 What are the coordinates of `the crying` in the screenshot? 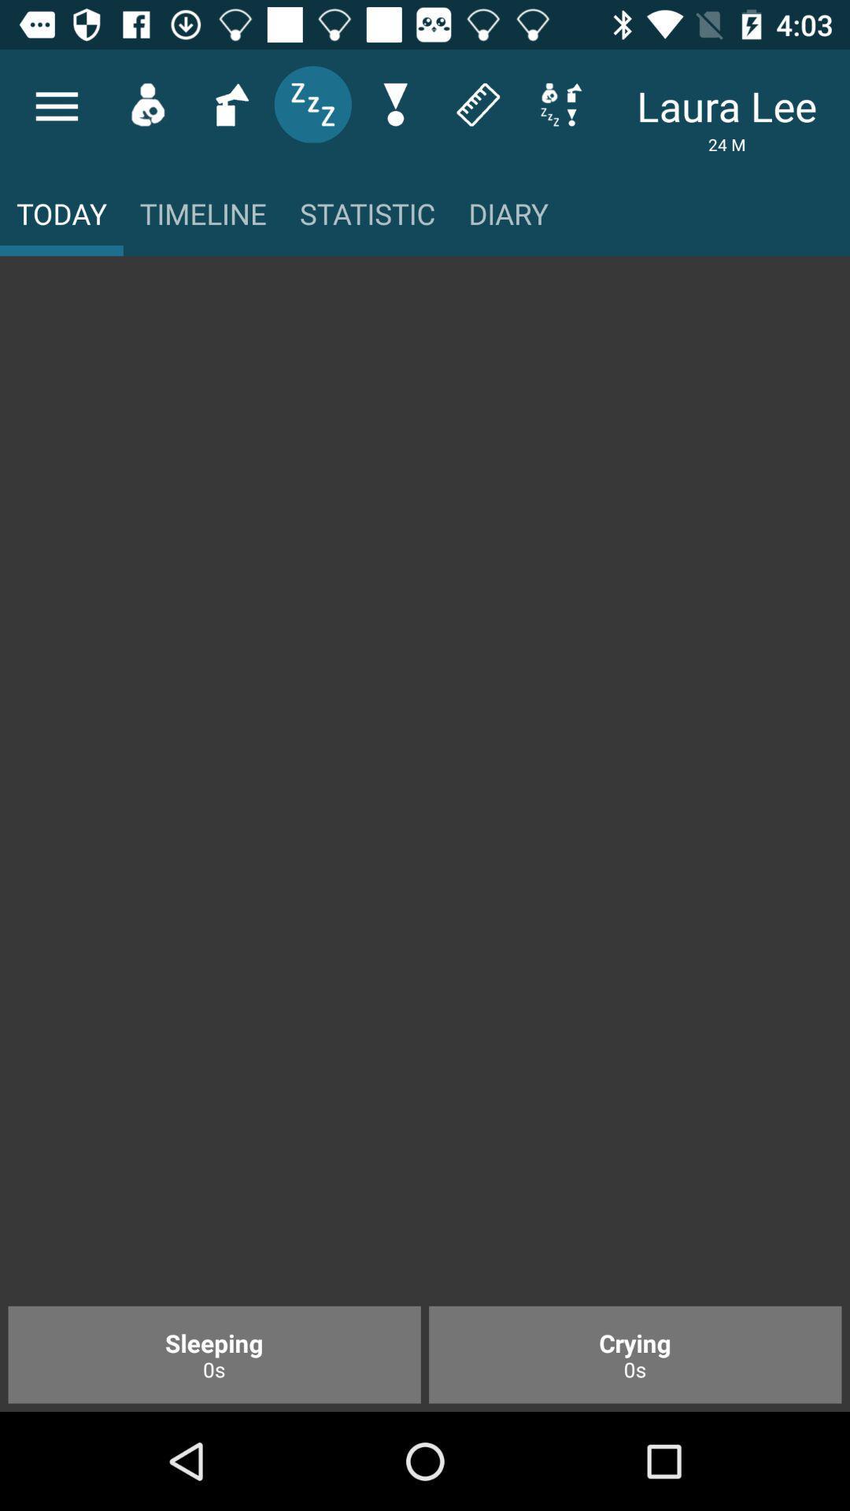 It's located at (634, 1354).